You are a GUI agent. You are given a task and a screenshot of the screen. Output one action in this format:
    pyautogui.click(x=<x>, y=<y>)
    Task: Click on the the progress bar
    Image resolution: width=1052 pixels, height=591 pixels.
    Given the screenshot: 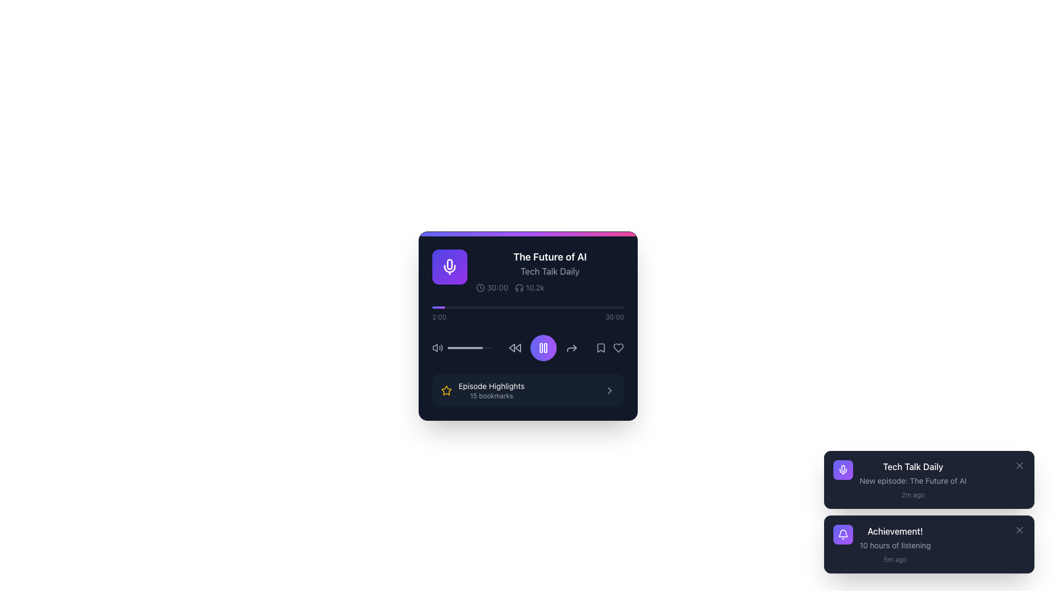 What is the action you would take?
    pyautogui.click(x=456, y=348)
    